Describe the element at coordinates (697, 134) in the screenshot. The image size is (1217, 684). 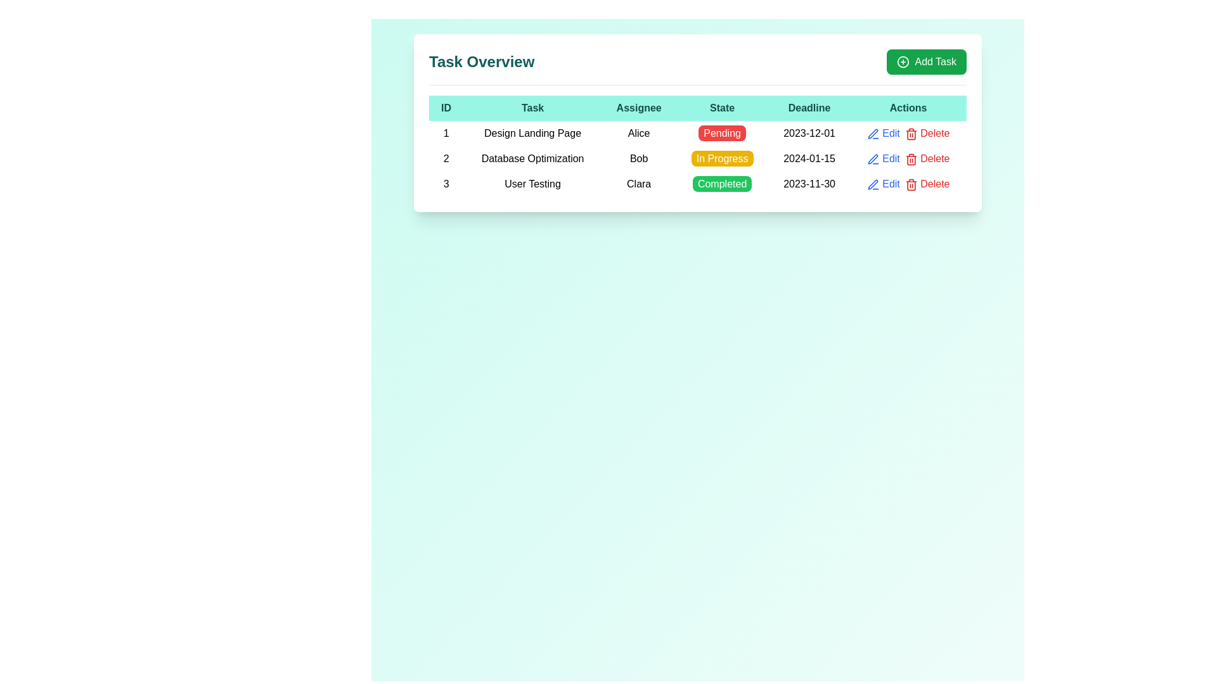
I see `the 'Pending' status label in the first row of the 'Task Overview' table, which allows the user to track task state` at that location.